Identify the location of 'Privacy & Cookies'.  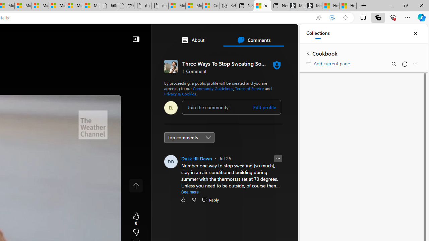
(180, 94).